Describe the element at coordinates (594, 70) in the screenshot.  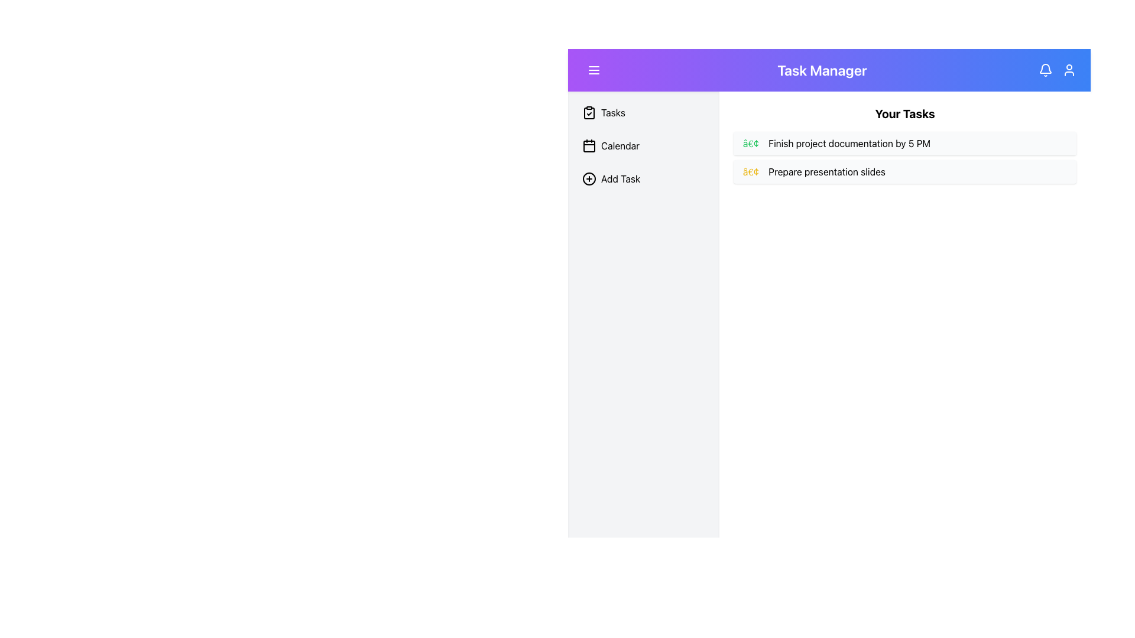
I see `the hamburger menu icon with three horizontal lines located on the vibrant purple header bar` at that location.